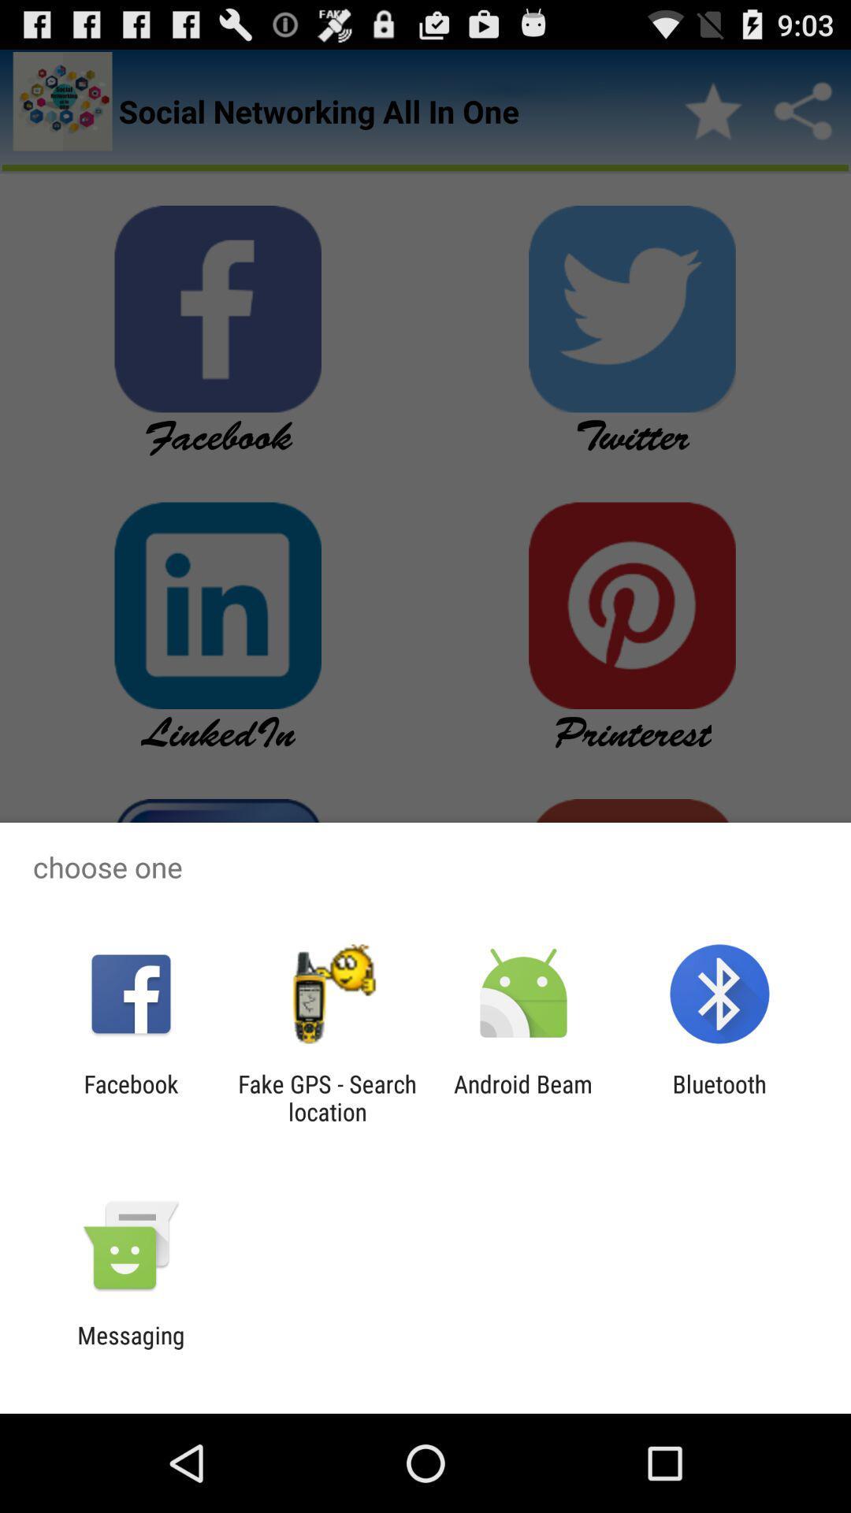 Image resolution: width=851 pixels, height=1513 pixels. I want to click on bluetooth, so click(719, 1097).